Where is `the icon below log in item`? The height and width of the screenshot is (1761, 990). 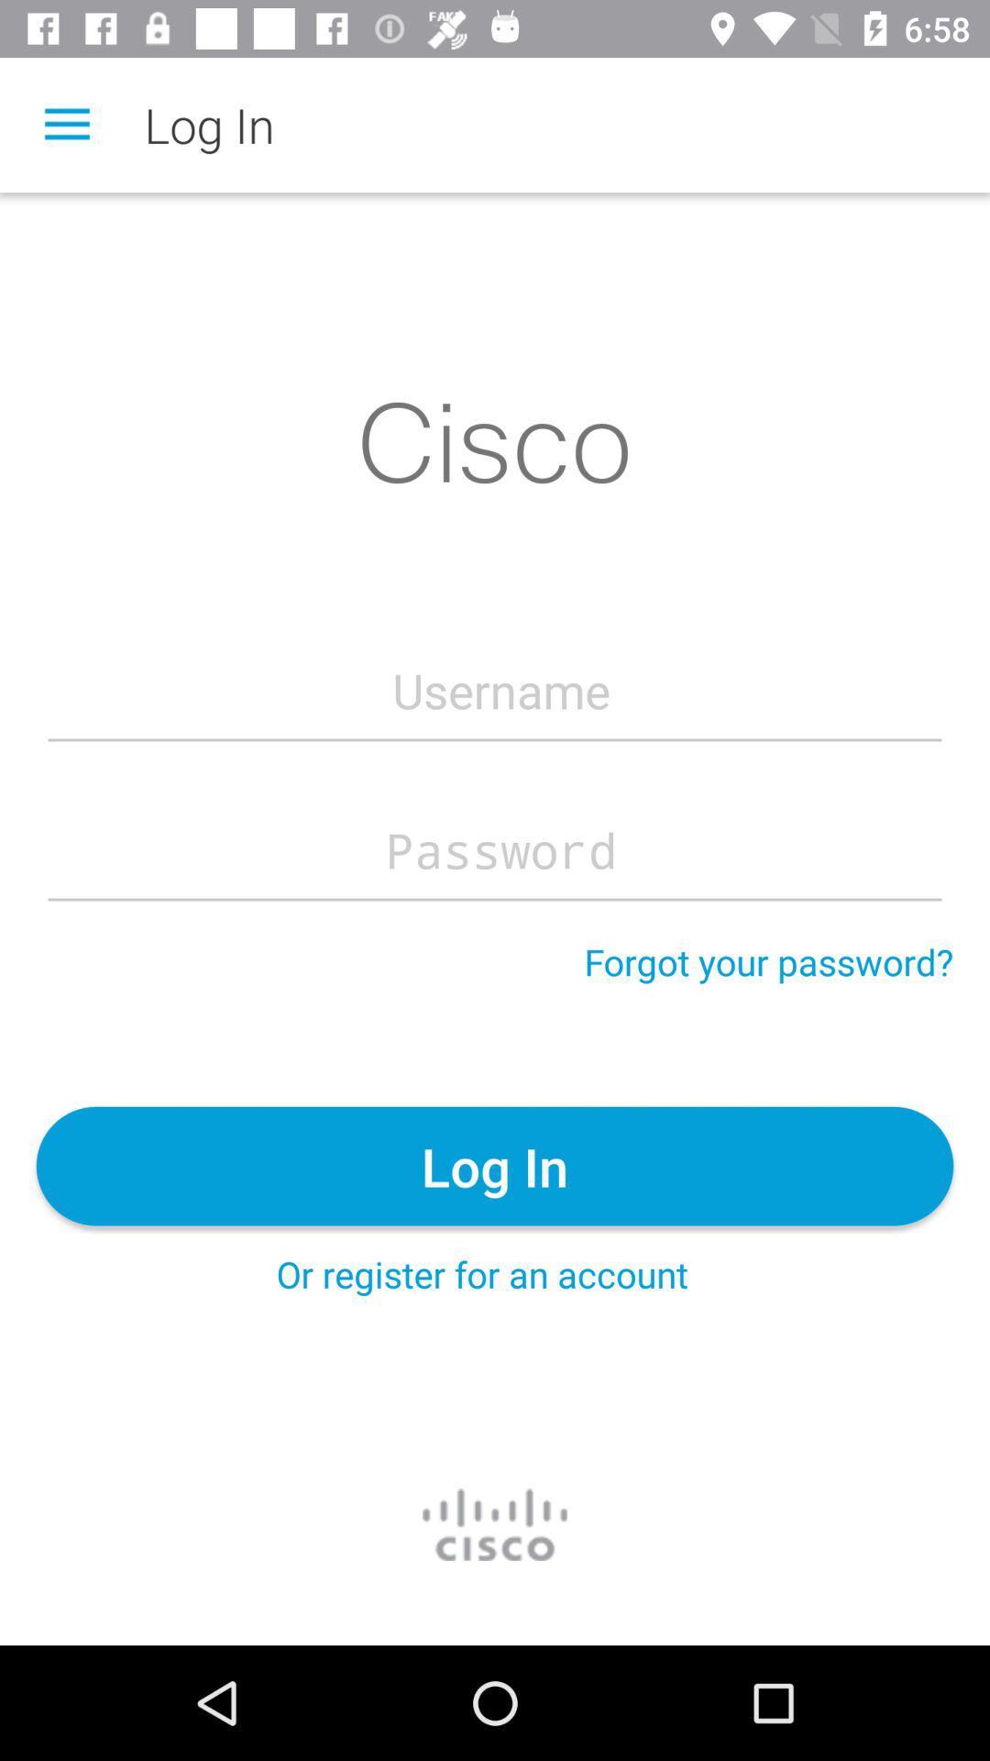 the icon below log in item is located at coordinates (481, 1273).